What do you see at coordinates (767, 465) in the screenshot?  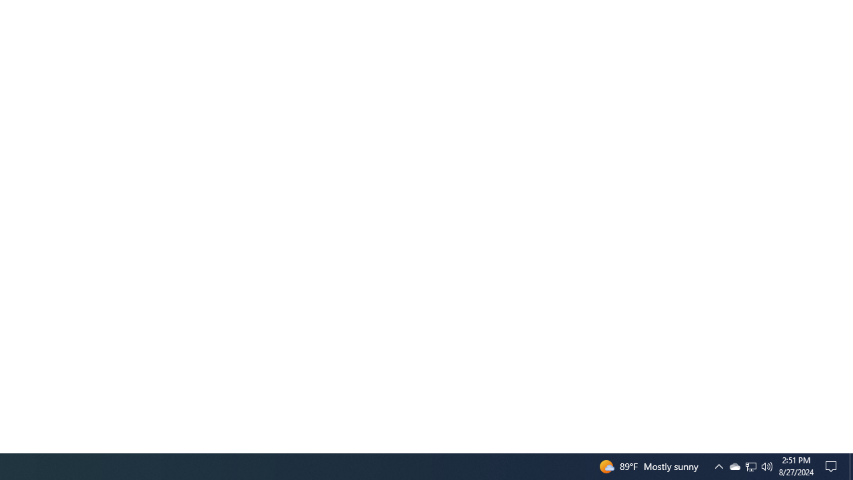 I see `'Q2790: 100%'` at bounding box center [767, 465].